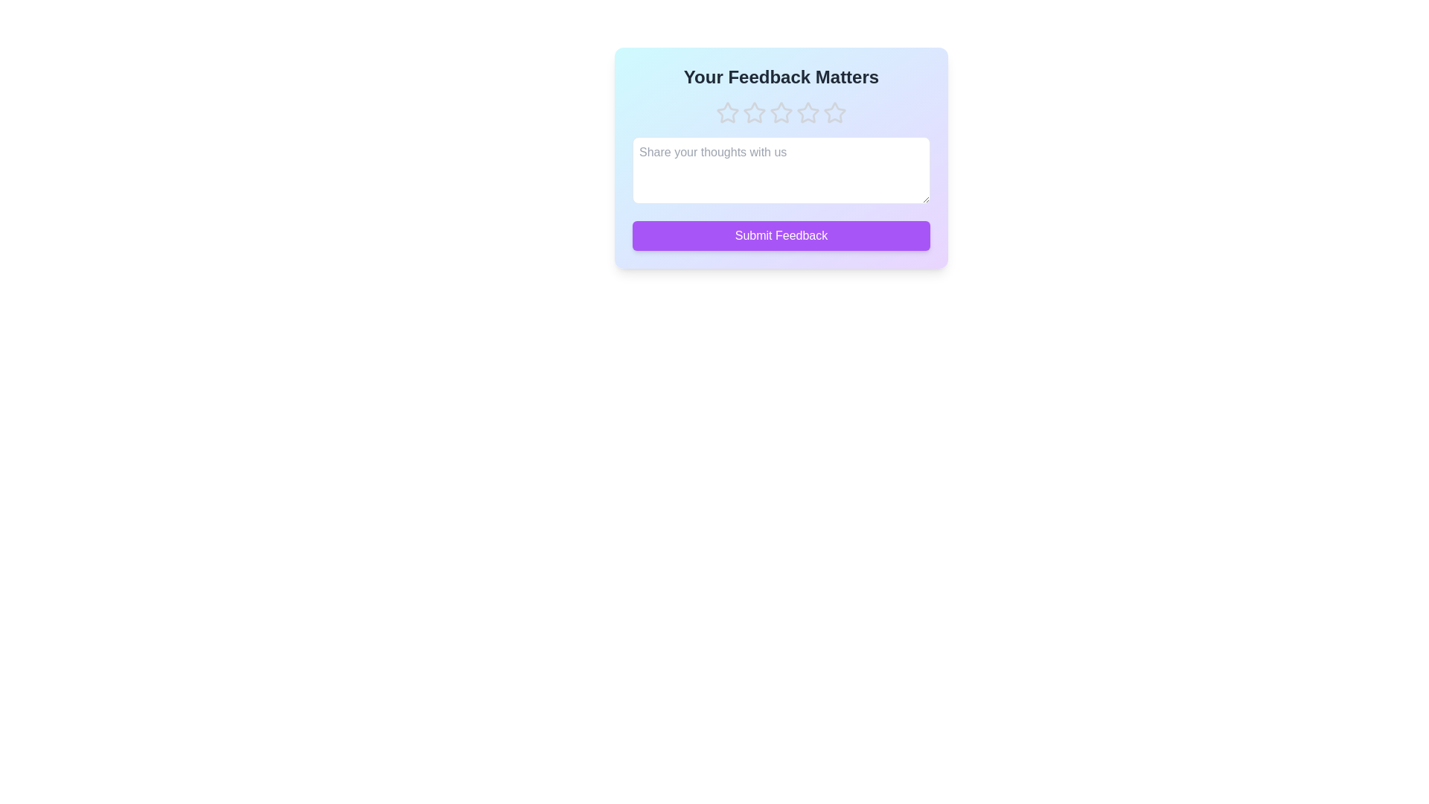 The height and width of the screenshot is (804, 1429). I want to click on the star corresponding to 4, so click(807, 112).